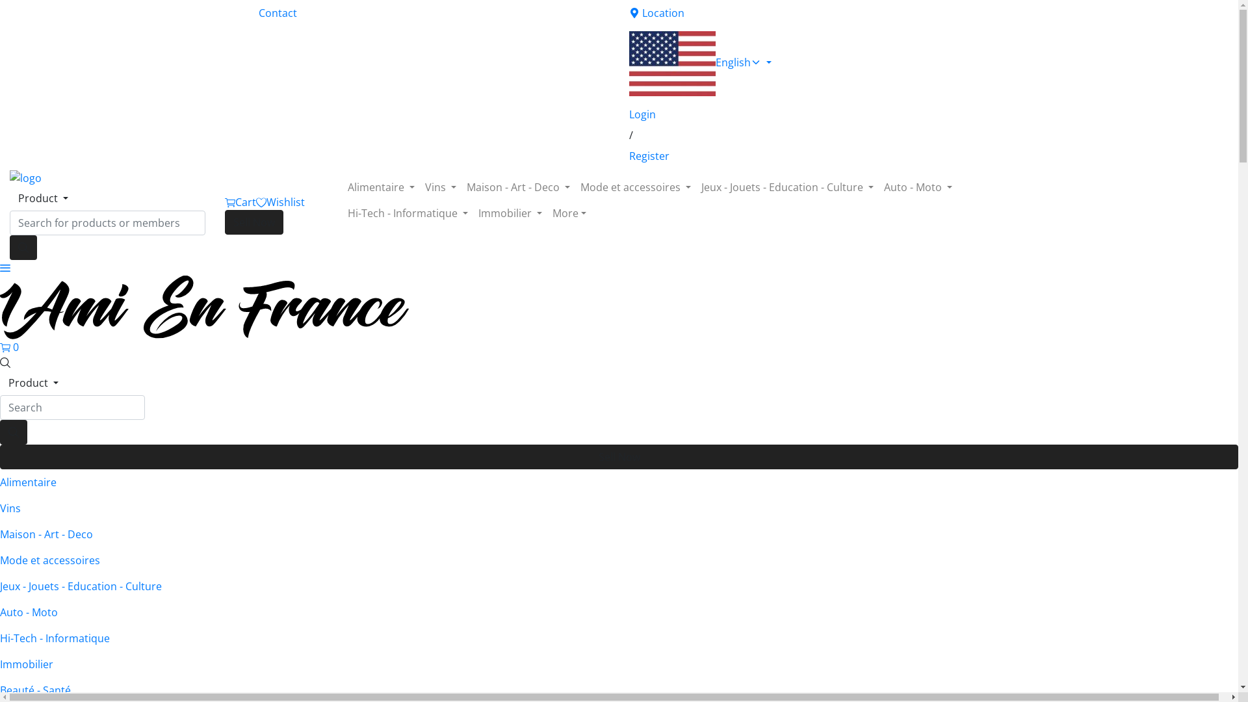 The image size is (1248, 702). What do you see at coordinates (786, 187) in the screenshot?
I see `'Jeux - Jouets - Education - Culture'` at bounding box center [786, 187].